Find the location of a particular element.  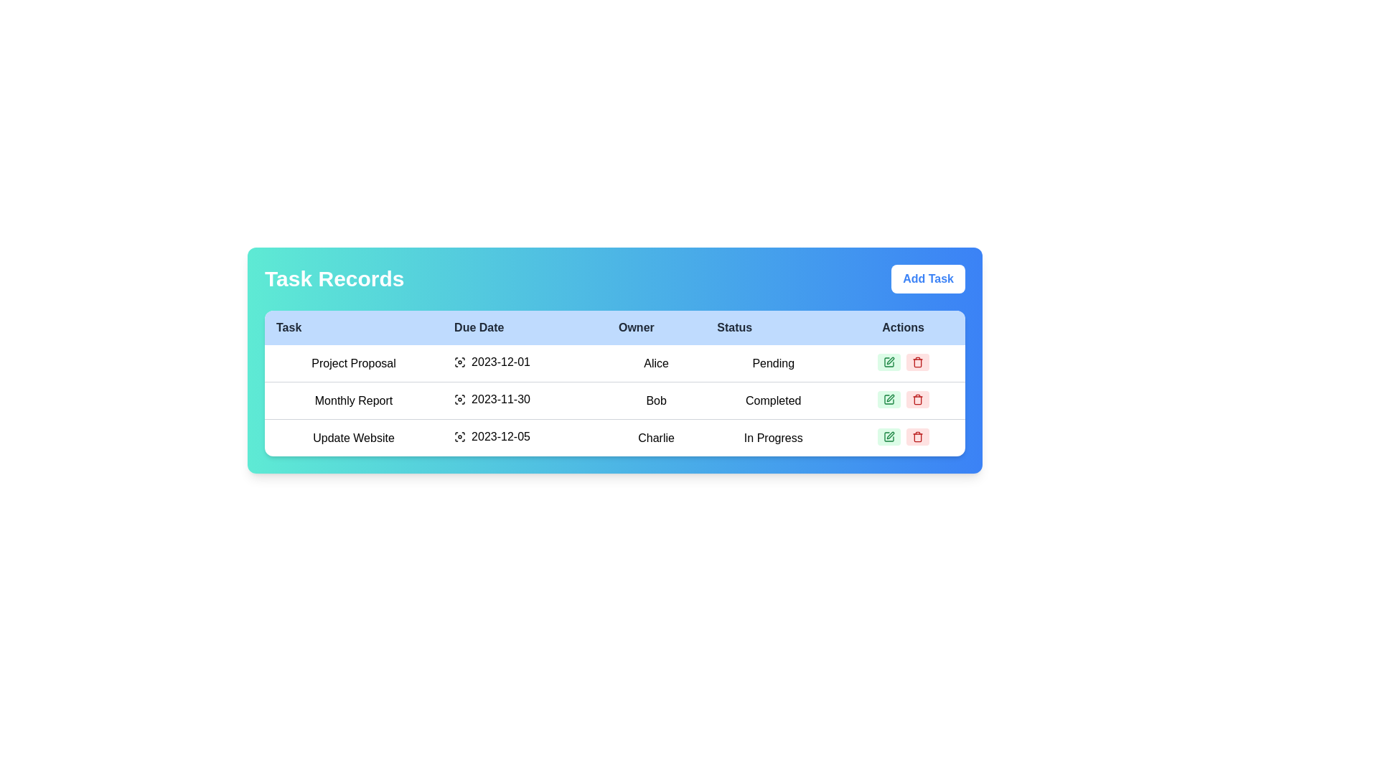

the Static Text Label displaying 'Alice' in the 'Owner' column of the table associated with the 'Project Proposal' task is located at coordinates (655, 362).